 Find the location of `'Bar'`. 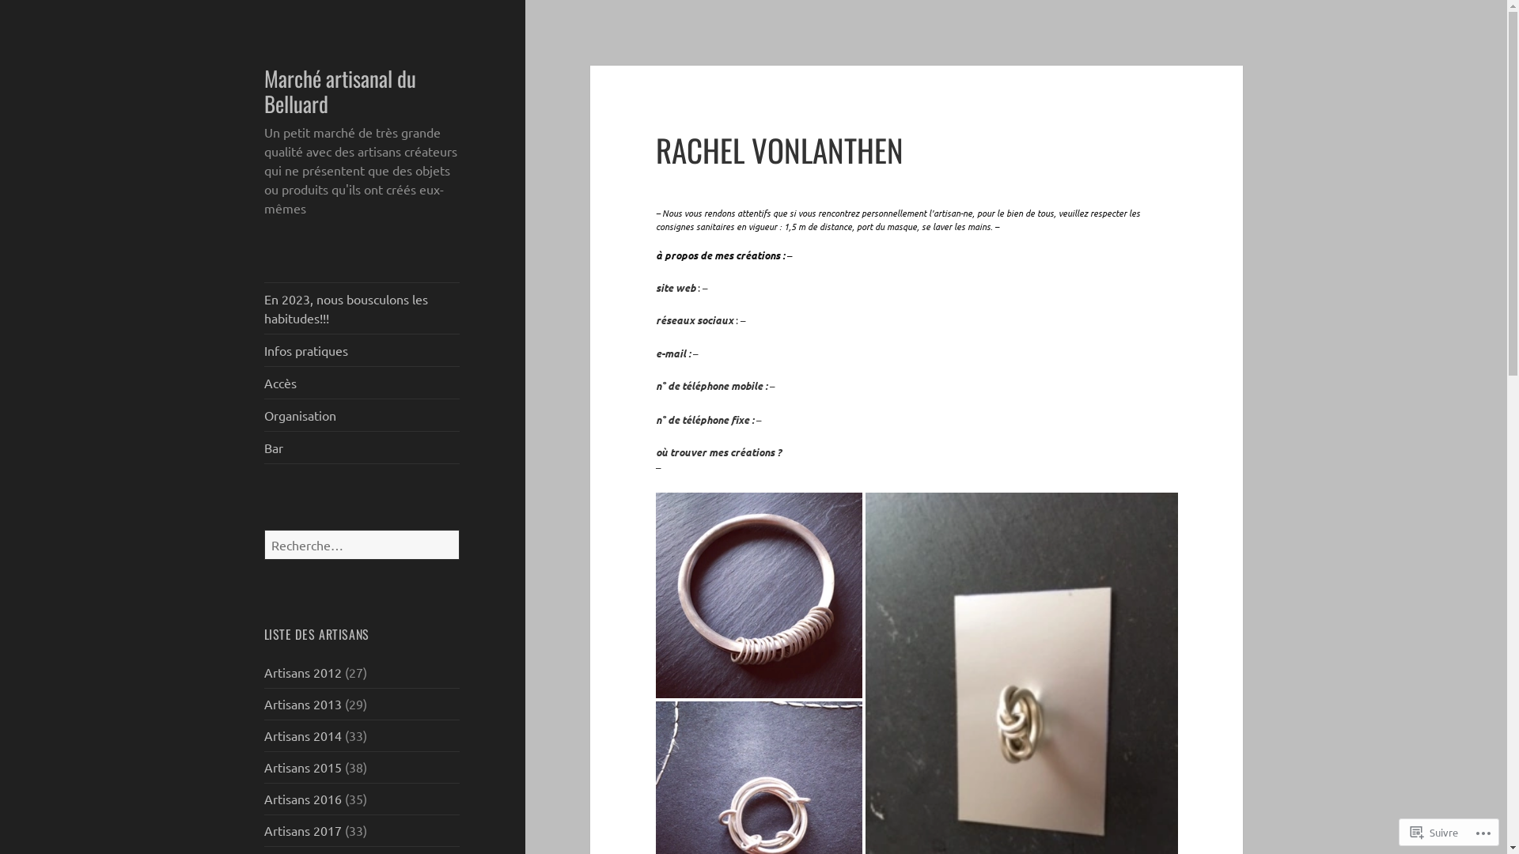

'Bar' is located at coordinates (264, 448).